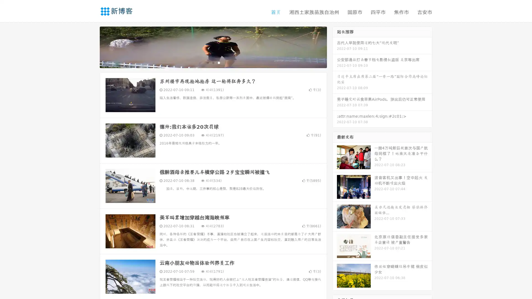 The height and width of the screenshot is (299, 532). What do you see at coordinates (207, 62) in the screenshot?
I see `Go to slide 1` at bounding box center [207, 62].